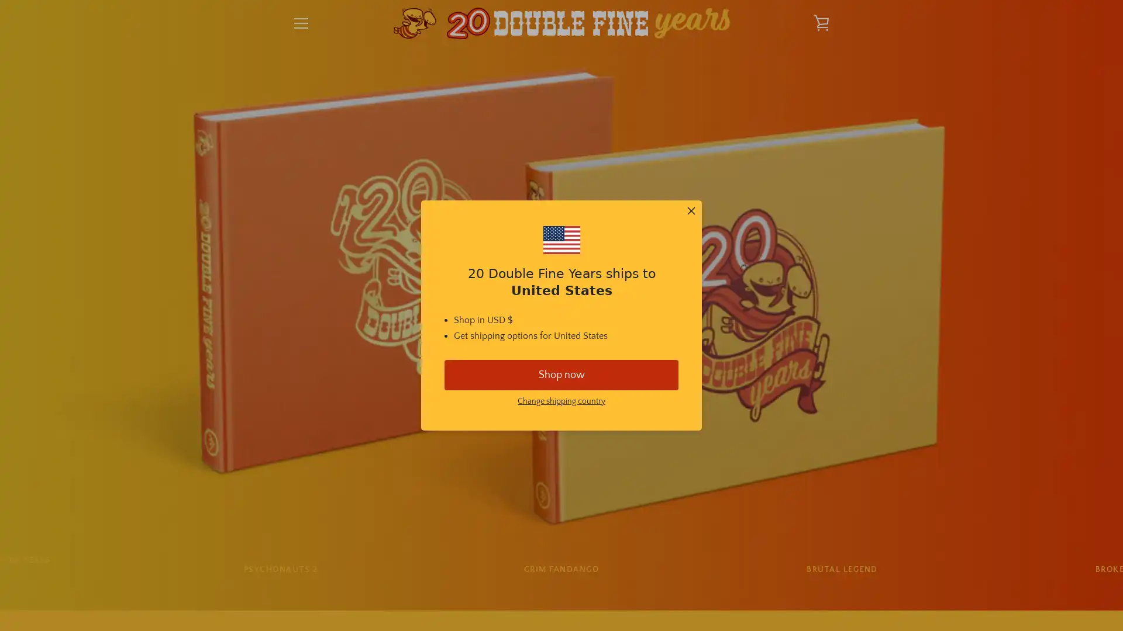 The width and height of the screenshot is (1123, 631). What do you see at coordinates (801, 526) in the screenshot?
I see `SUBSCRIBE` at bounding box center [801, 526].